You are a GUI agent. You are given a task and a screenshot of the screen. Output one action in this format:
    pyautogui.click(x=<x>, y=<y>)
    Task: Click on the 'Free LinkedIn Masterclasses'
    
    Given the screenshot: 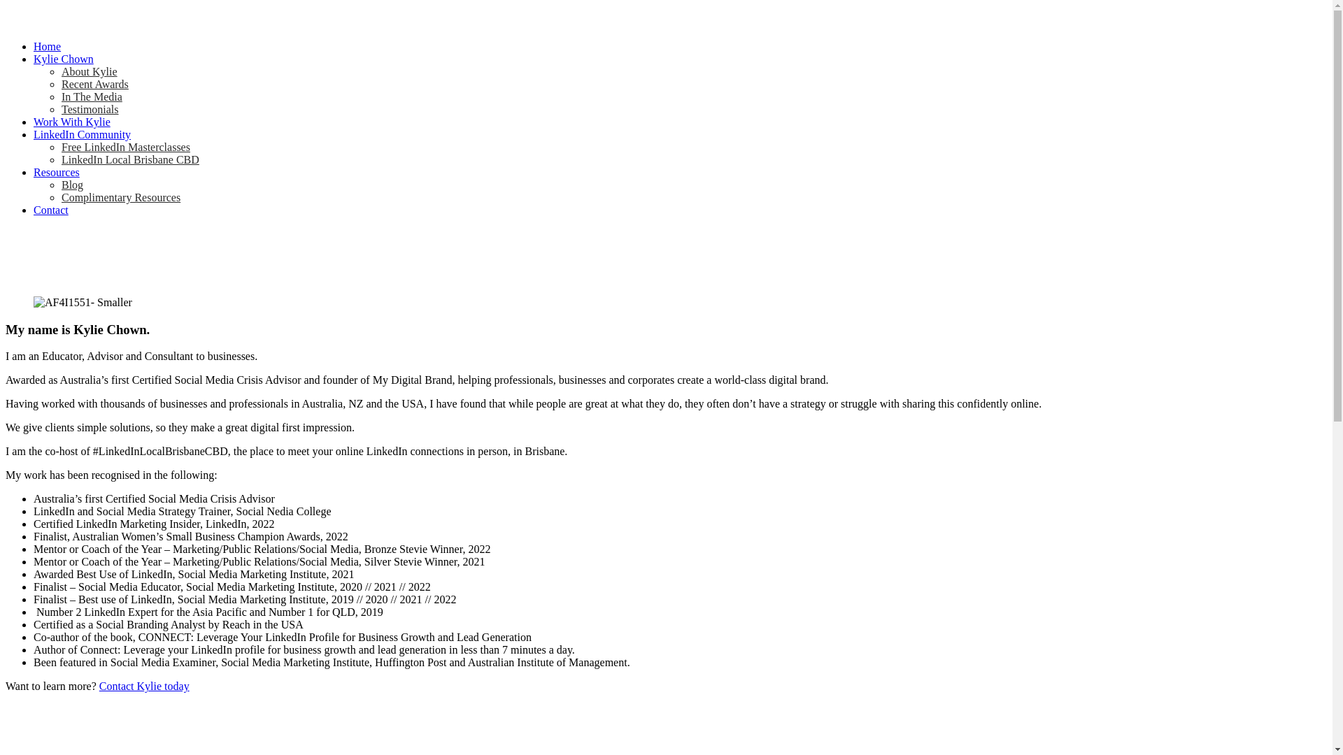 What is the action you would take?
    pyautogui.click(x=126, y=147)
    